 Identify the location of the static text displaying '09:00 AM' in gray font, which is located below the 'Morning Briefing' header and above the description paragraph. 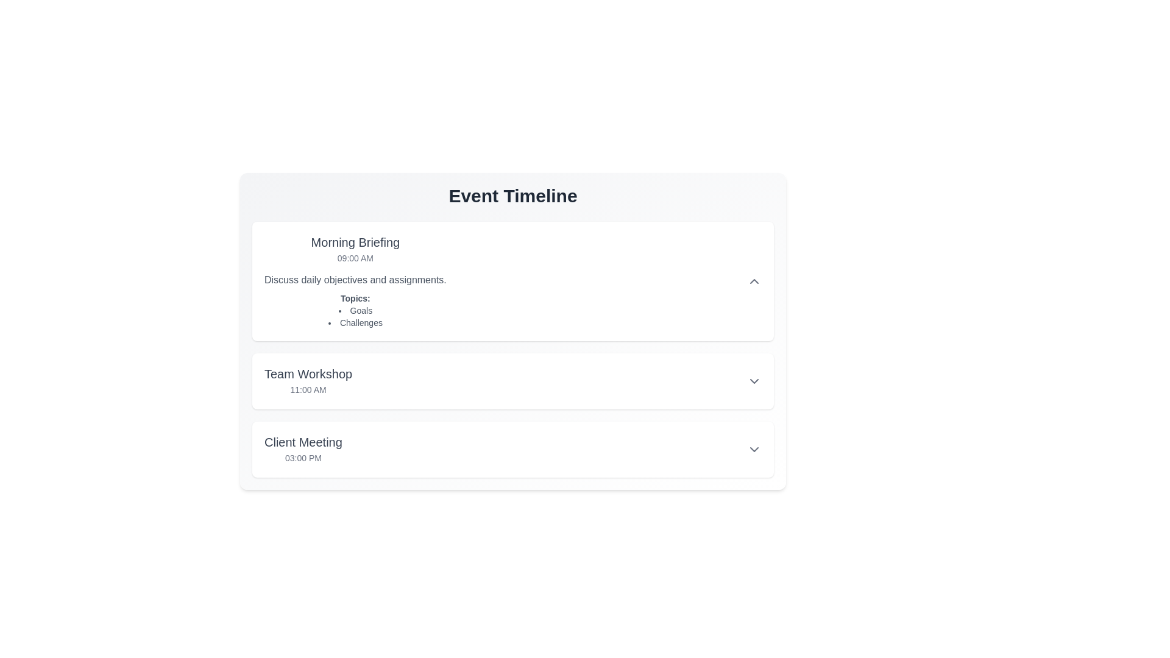
(355, 258).